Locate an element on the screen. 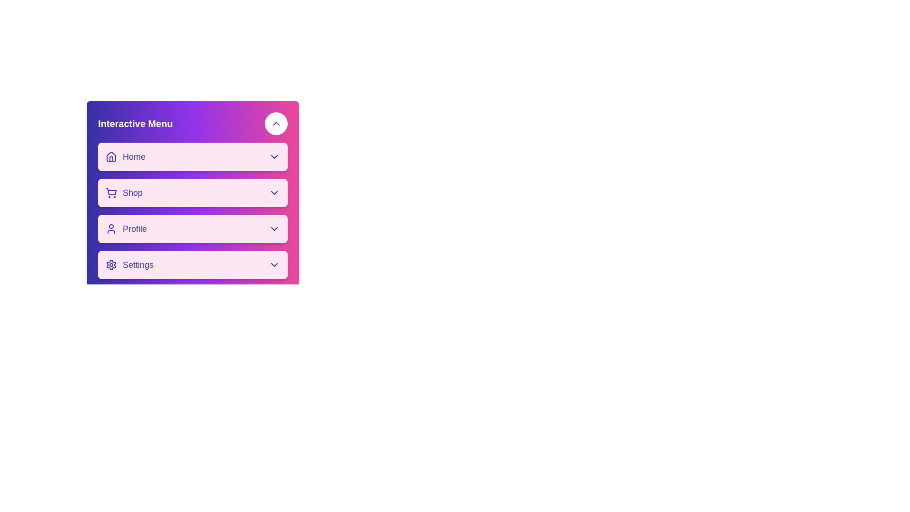 The image size is (910, 512). the 'Shop' label in the vertical menu that indicates access to shopping resources, positioned between 'Home' and 'Profile' is located at coordinates (132, 192).